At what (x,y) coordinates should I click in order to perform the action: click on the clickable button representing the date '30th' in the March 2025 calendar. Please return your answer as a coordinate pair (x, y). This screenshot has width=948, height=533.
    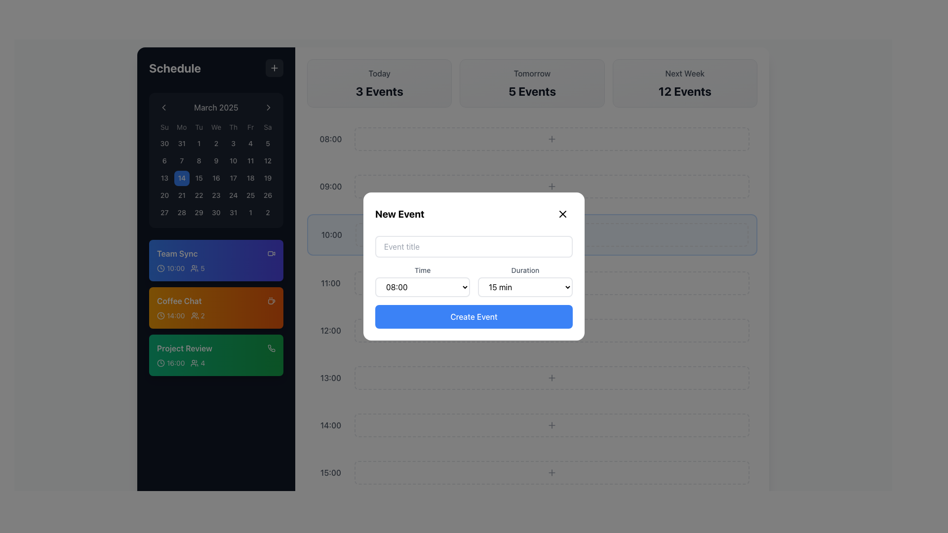
    Looking at the image, I should click on (164, 144).